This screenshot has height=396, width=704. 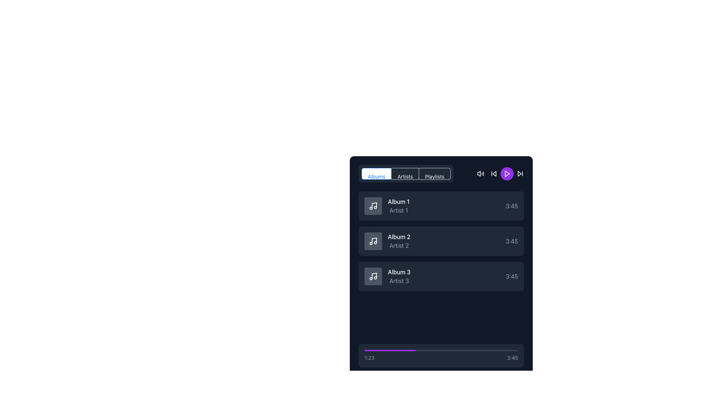 What do you see at coordinates (488, 350) in the screenshot?
I see `playback position` at bounding box center [488, 350].